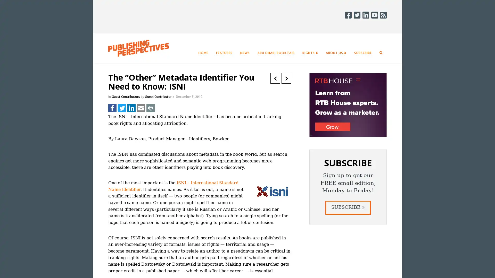 This screenshot has height=278, width=495. I want to click on Share to Email, so click(141, 108).